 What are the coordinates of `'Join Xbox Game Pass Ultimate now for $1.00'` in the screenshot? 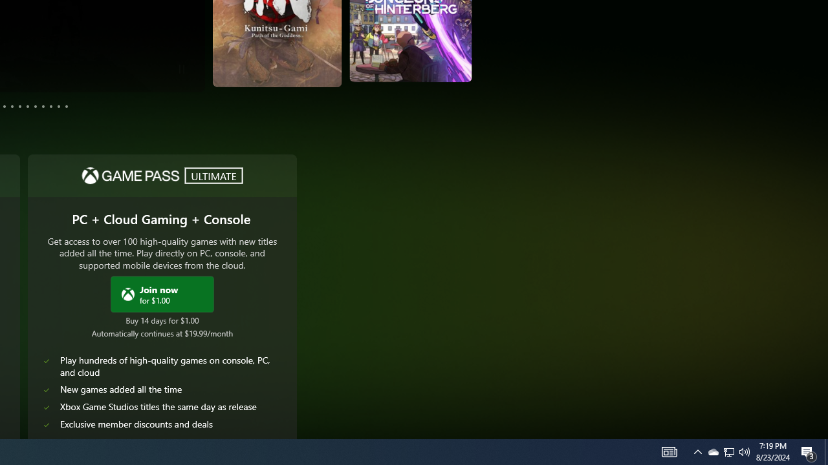 It's located at (162, 294).